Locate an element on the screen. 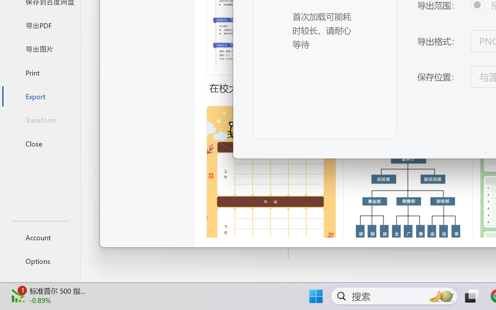 This screenshot has height=310, width=496. 'Options' is located at coordinates (40, 261).